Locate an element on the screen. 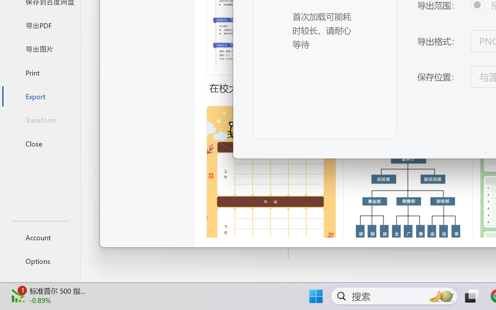 This screenshot has height=310, width=496. 'Options' is located at coordinates (40, 261).